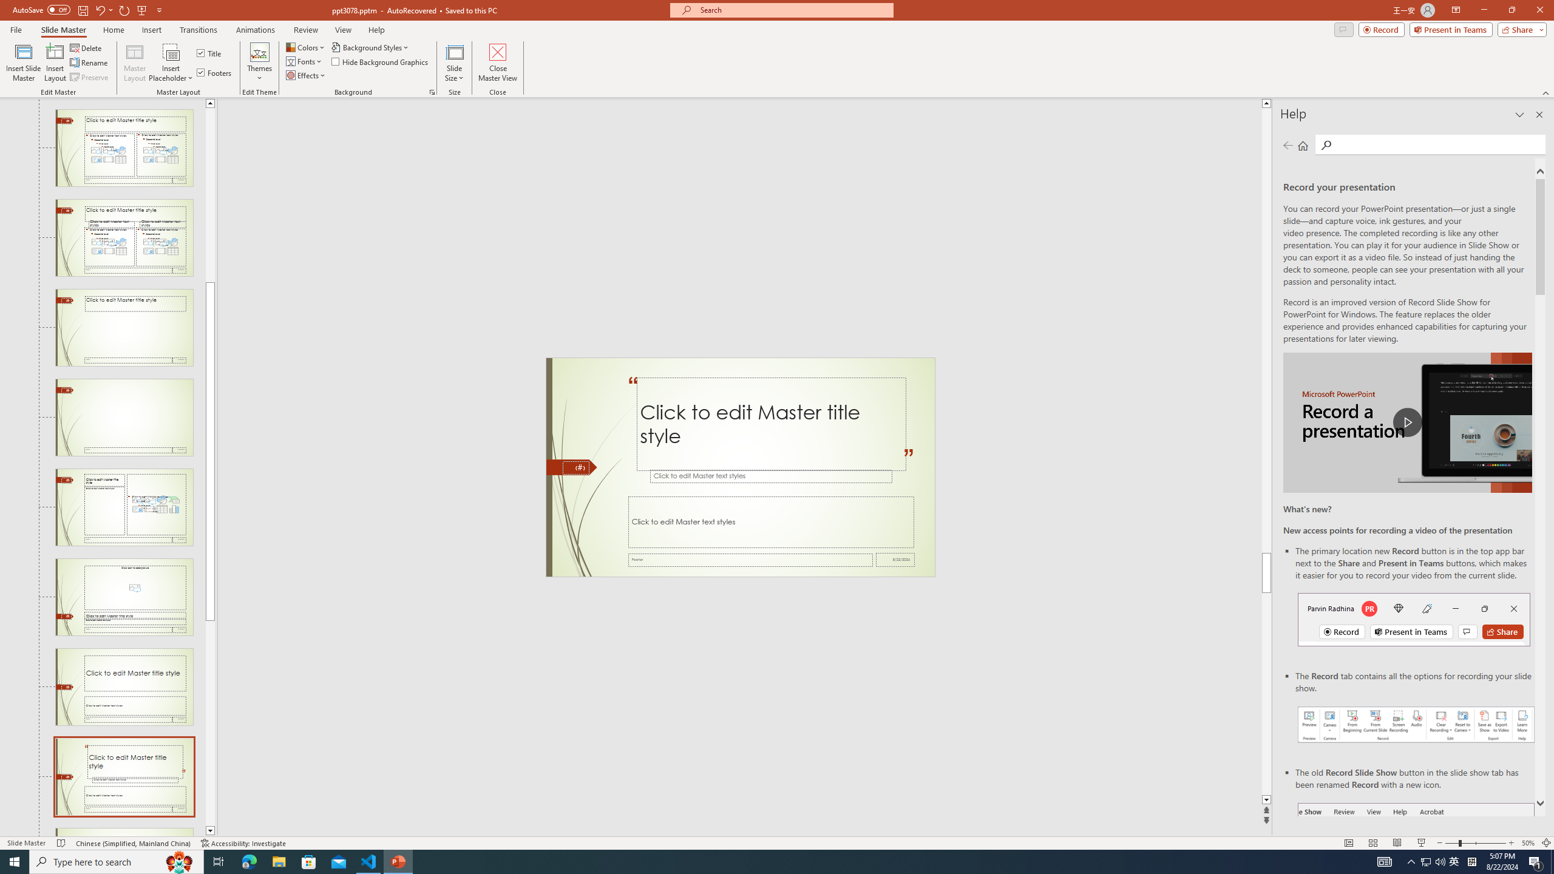  Describe the element at coordinates (371, 47) in the screenshot. I see `'Background Styles'` at that location.